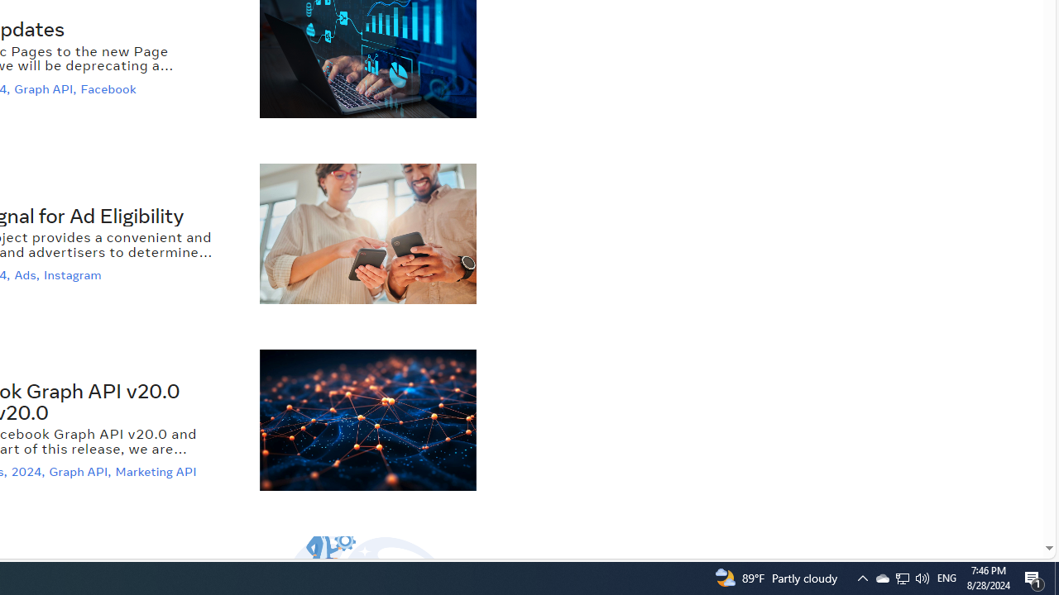 The height and width of the screenshot is (595, 1059). Describe the element at coordinates (28, 274) in the screenshot. I see `'Ads,'` at that location.